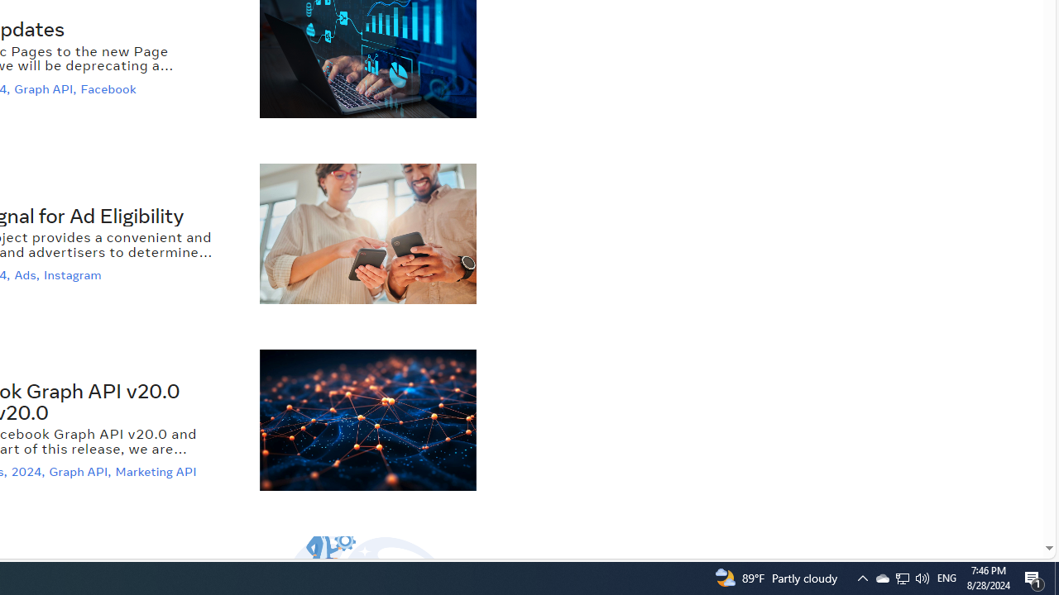 The height and width of the screenshot is (595, 1059). Describe the element at coordinates (28, 274) in the screenshot. I see `'Ads,'` at that location.